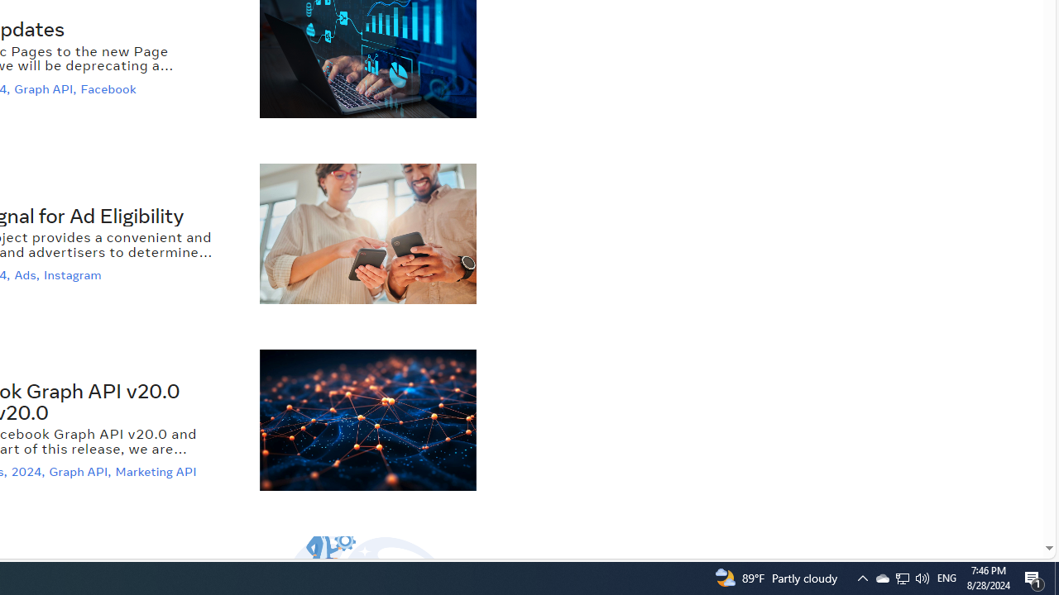 The height and width of the screenshot is (595, 1059). Describe the element at coordinates (28, 274) in the screenshot. I see `'Ads,'` at that location.